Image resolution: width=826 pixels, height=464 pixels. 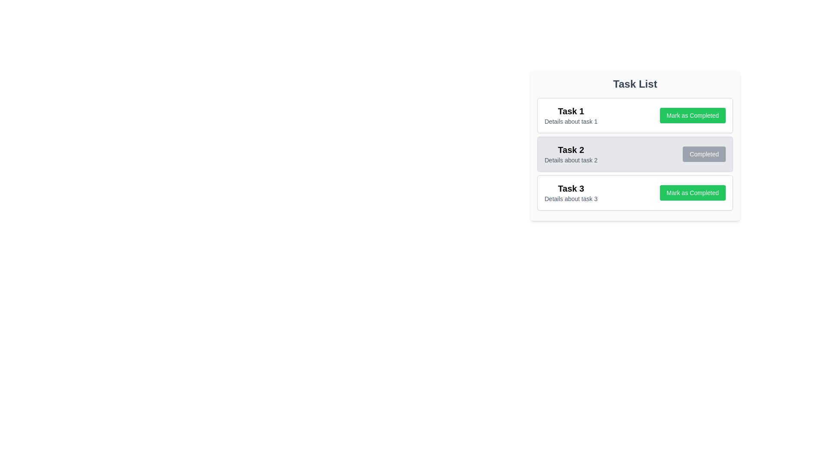 I want to click on details of the task from the Task item card labeled 'Task 3' that contains a title and a description, located at the specified coordinates, so click(x=635, y=192).